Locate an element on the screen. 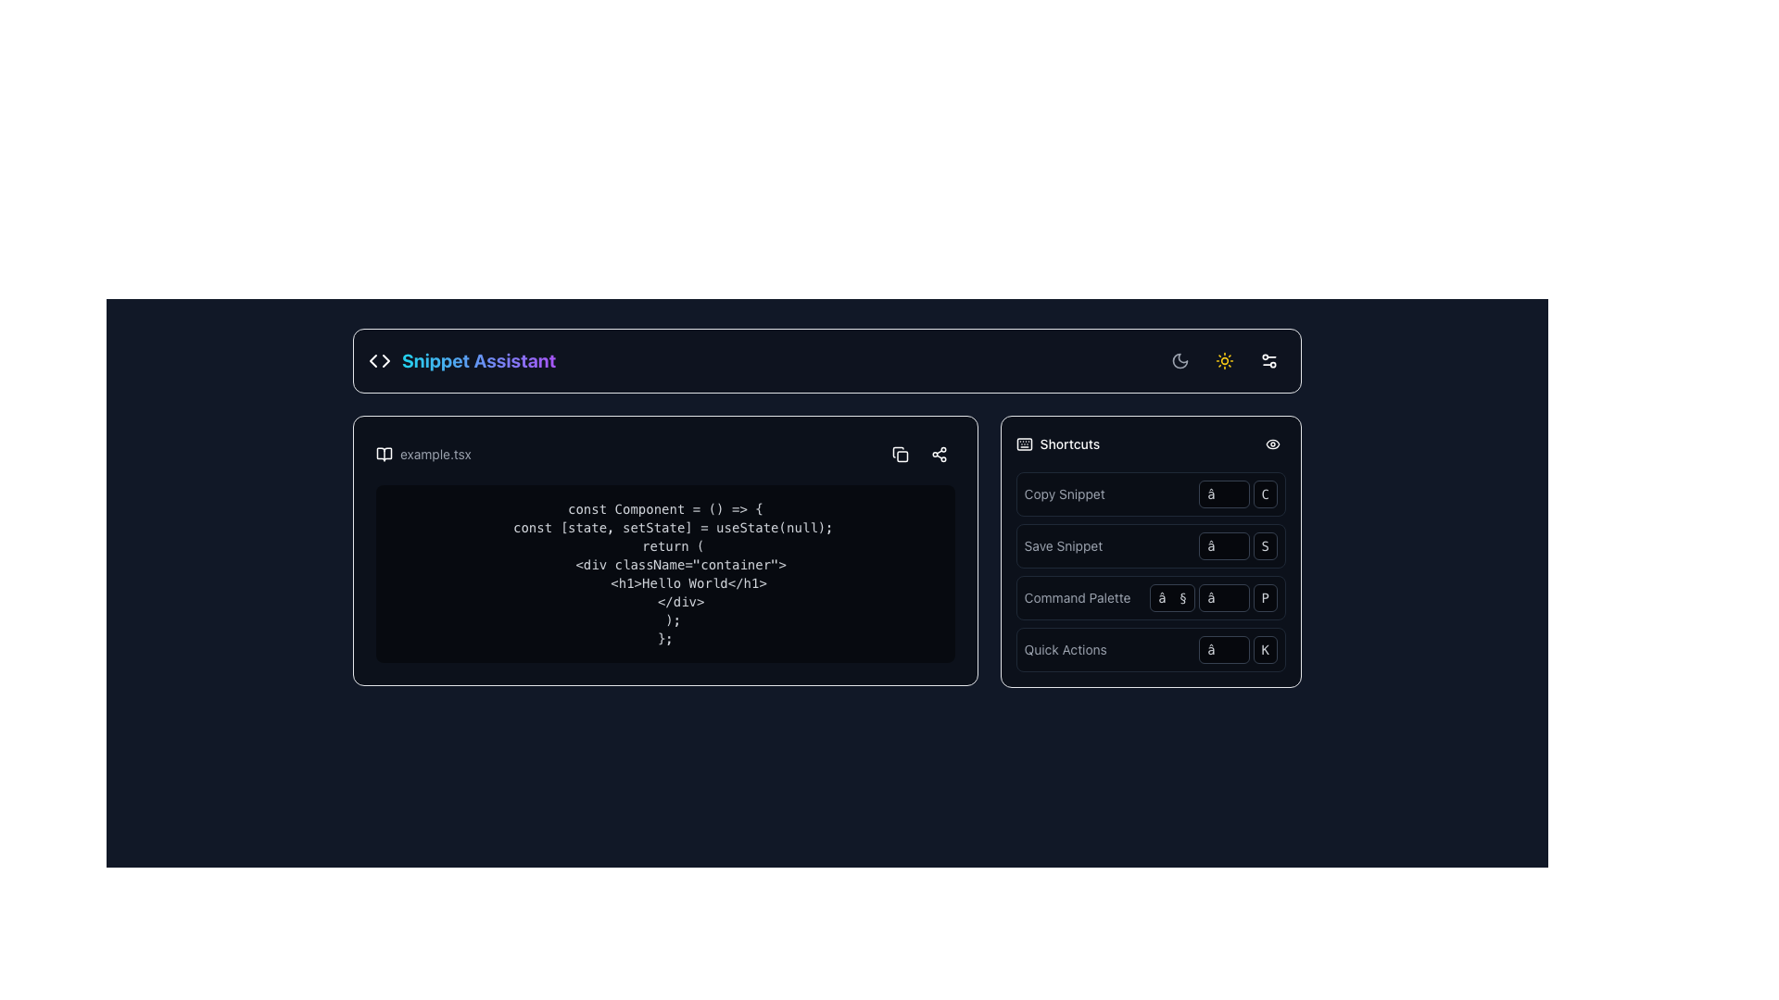  the 'Command Palette' interactive button, which is the third item in the vertical list of shortcut buttons located on the right side of the interface, positioned below the 'Save Snippet' button and above the 'Quick Actions' button is located at coordinates (1150, 597).